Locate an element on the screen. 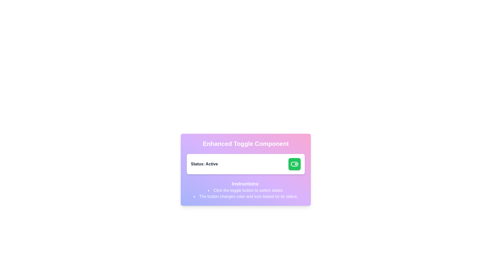 The width and height of the screenshot is (488, 274). the toggle button to switch its state is located at coordinates (294, 164).